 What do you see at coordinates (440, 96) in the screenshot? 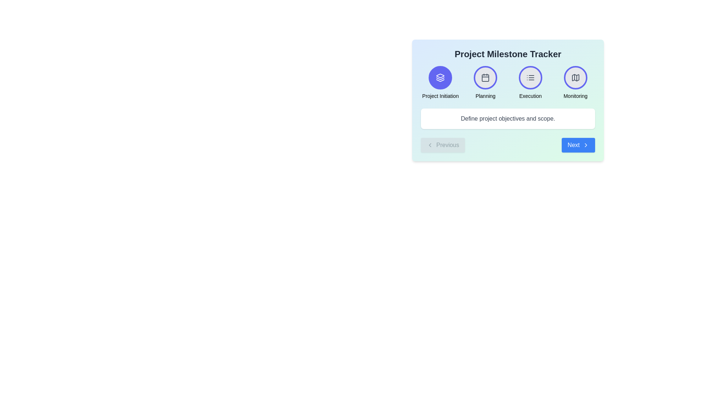
I see `the text label displaying 'Project Initiation', which is positioned beneath the circular icon representing it, and is the first milestone in the sequence of four milestones` at bounding box center [440, 96].